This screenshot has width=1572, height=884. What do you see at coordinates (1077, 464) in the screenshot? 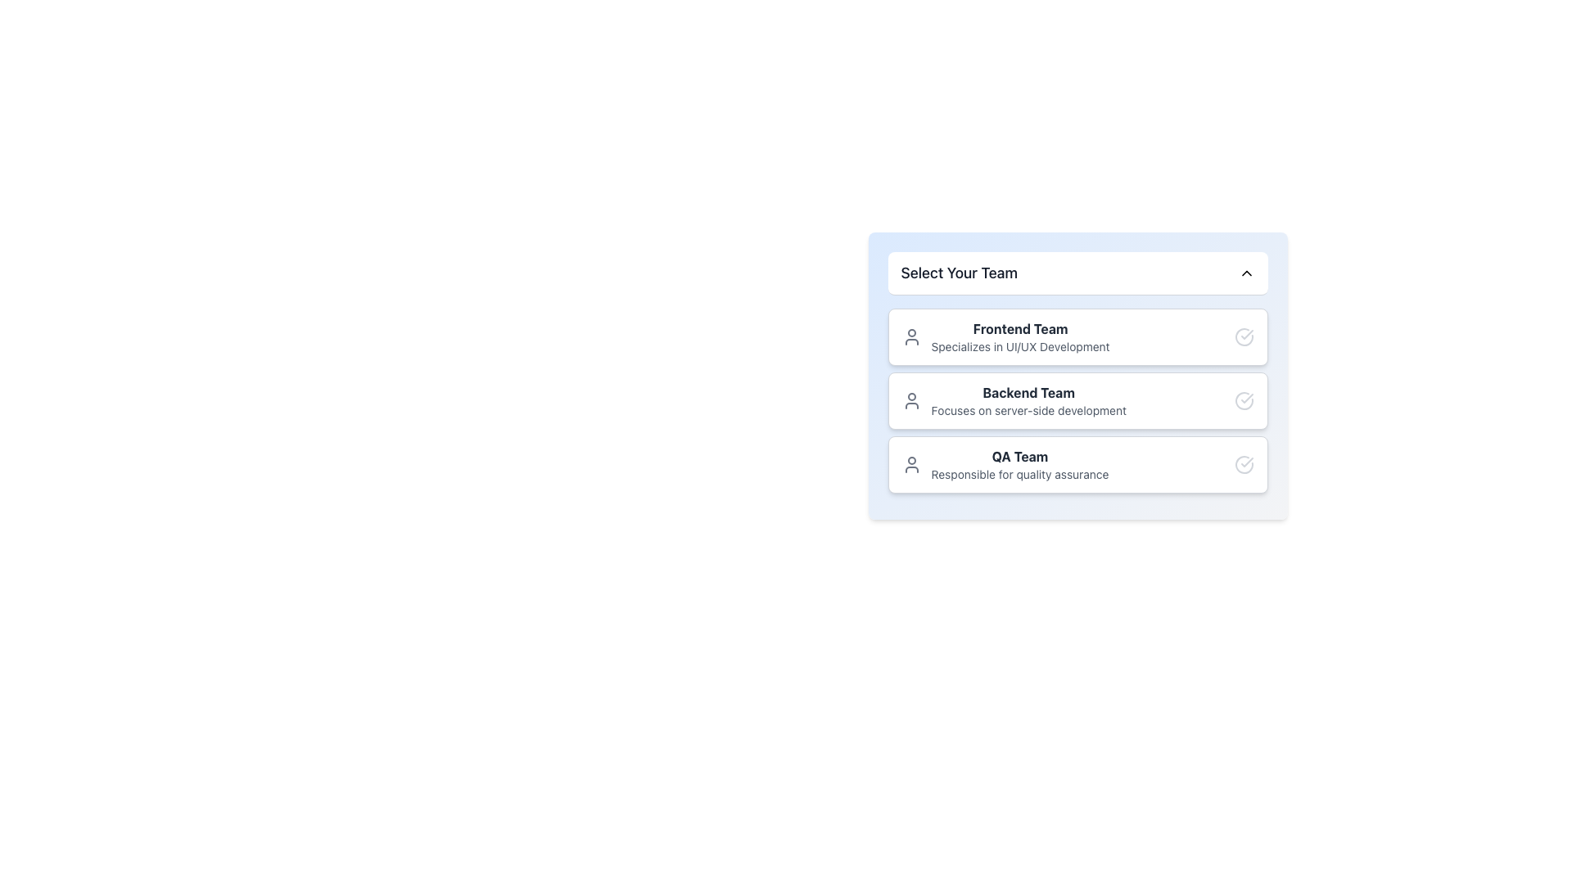
I see `the QA Team card, the third card in the horizontally stacked list` at bounding box center [1077, 464].